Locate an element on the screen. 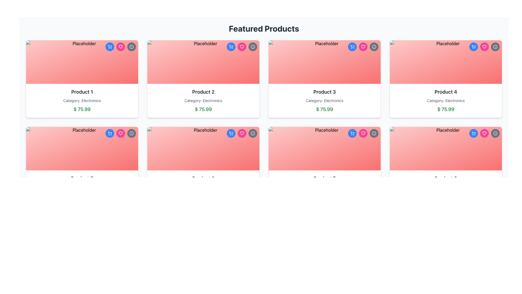 The width and height of the screenshot is (522, 294). the circular information button located at the top-right corner of the product card, which has a dark gray background and a white circular outline is located at coordinates (132, 133).